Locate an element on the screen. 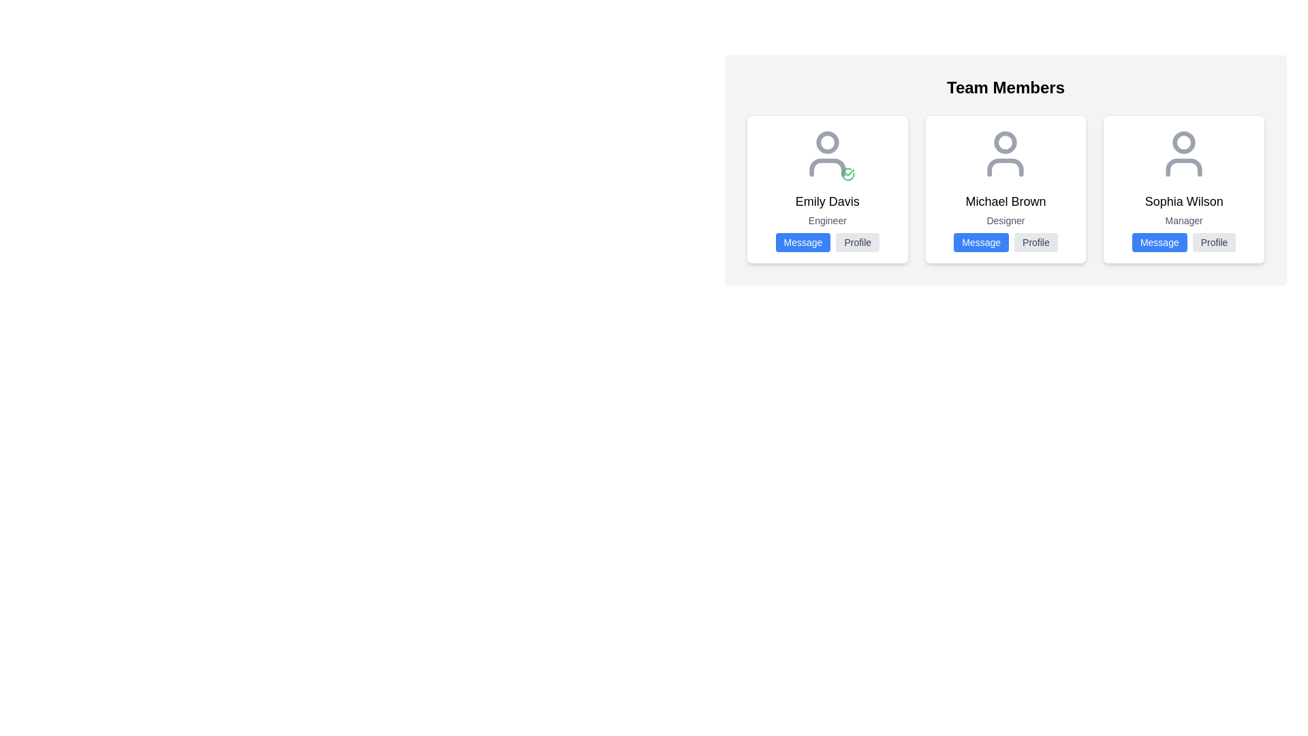 This screenshot has width=1308, height=736. the 'Message' button with bold white text and a blue background, located in the bottom section of the card for 'Sophia Wilson' is located at coordinates (1159, 241).